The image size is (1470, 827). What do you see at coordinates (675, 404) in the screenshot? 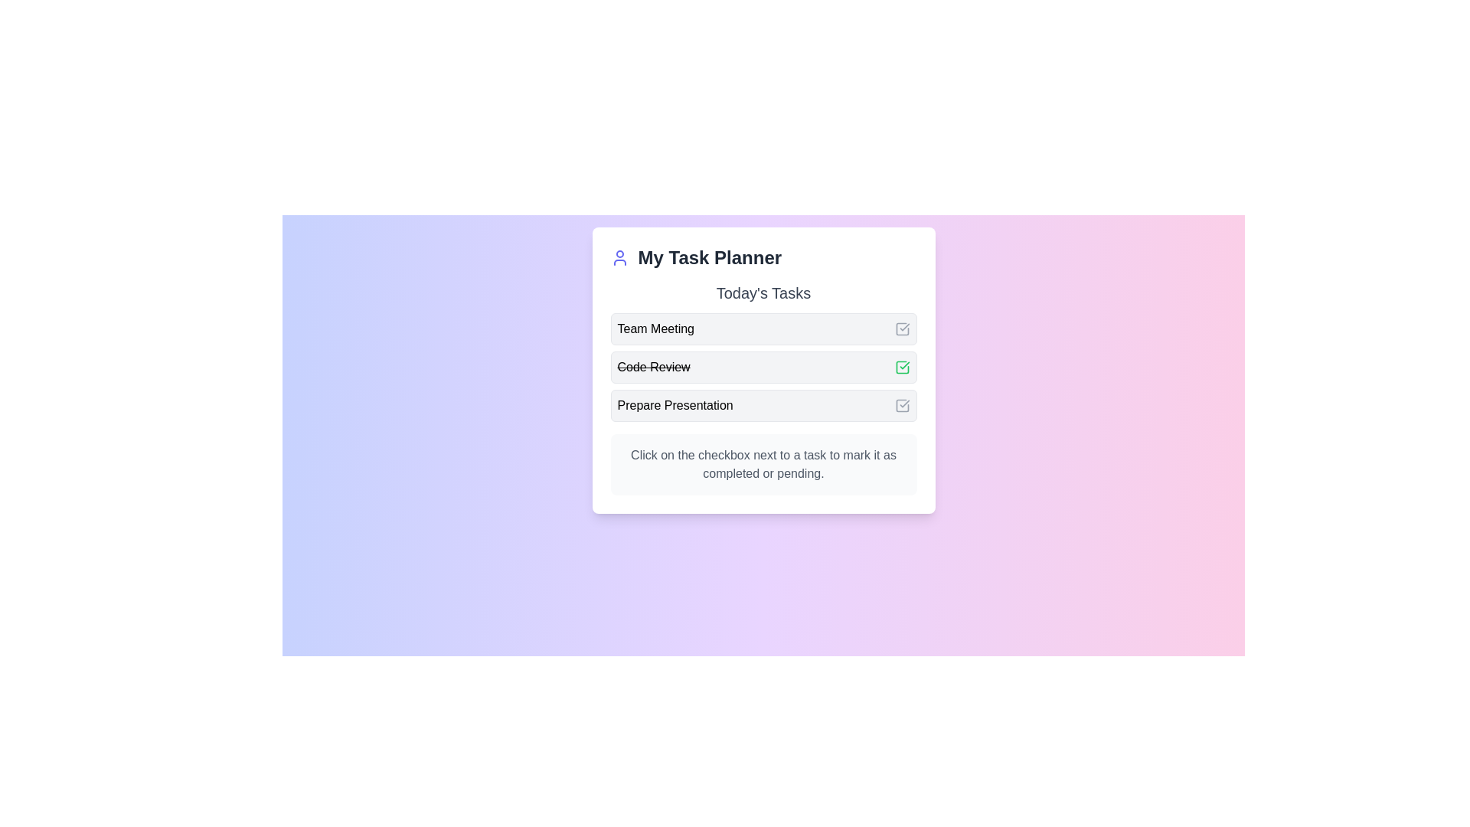
I see `the text label element displaying 'Prepare Presentation' in the third row of tasks under 'Today's Tasks'` at bounding box center [675, 404].